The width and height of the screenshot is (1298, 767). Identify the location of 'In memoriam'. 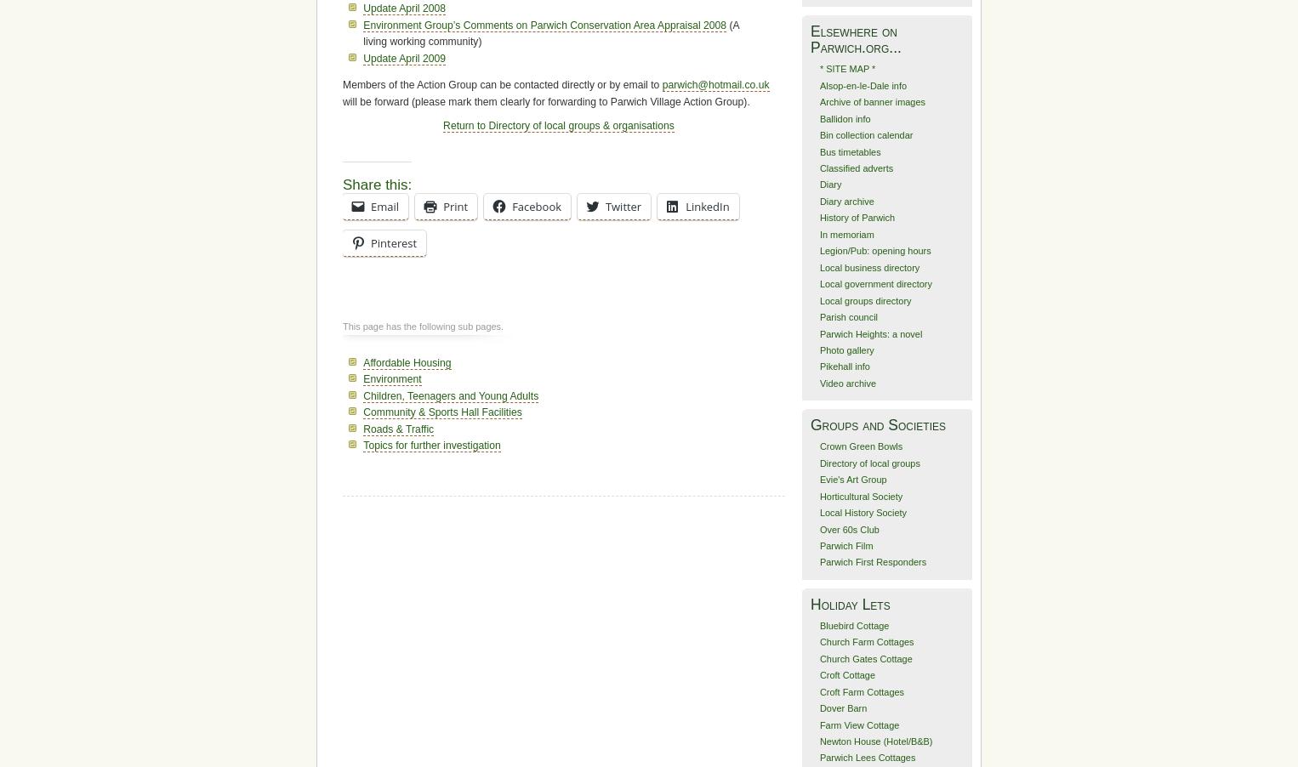
(845, 234).